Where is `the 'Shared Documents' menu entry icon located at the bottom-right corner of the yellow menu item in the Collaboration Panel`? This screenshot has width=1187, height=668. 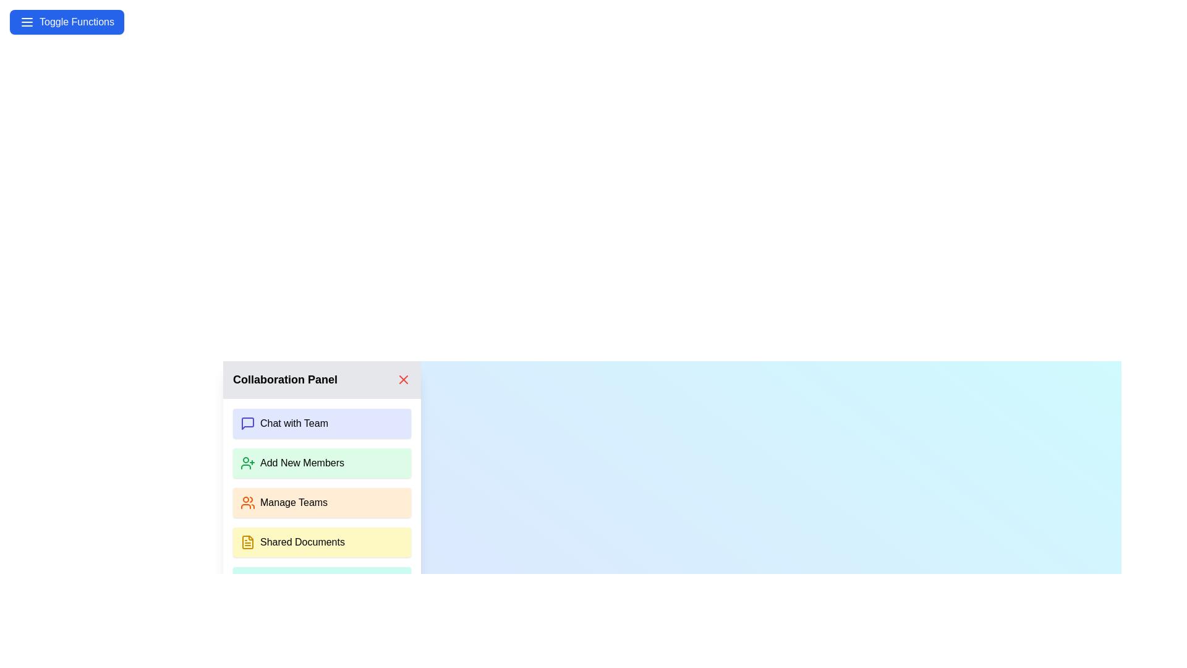 the 'Shared Documents' menu entry icon located at the bottom-right corner of the yellow menu item in the Collaboration Panel is located at coordinates (247, 541).